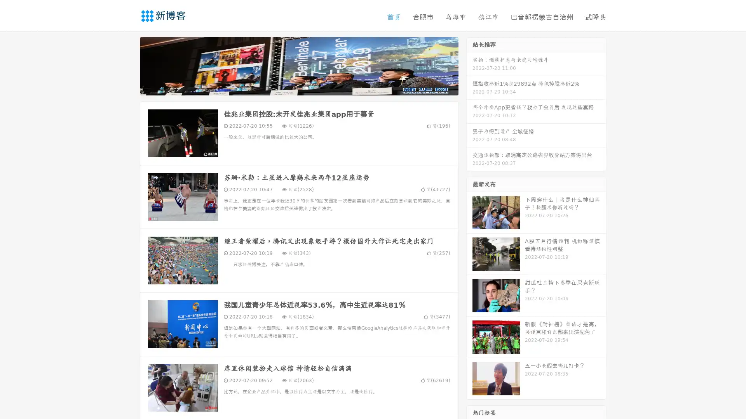 The image size is (746, 419). Describe the element at coordinates (307, 87) in the screenshot. I see `Go to slide 3` at that location.